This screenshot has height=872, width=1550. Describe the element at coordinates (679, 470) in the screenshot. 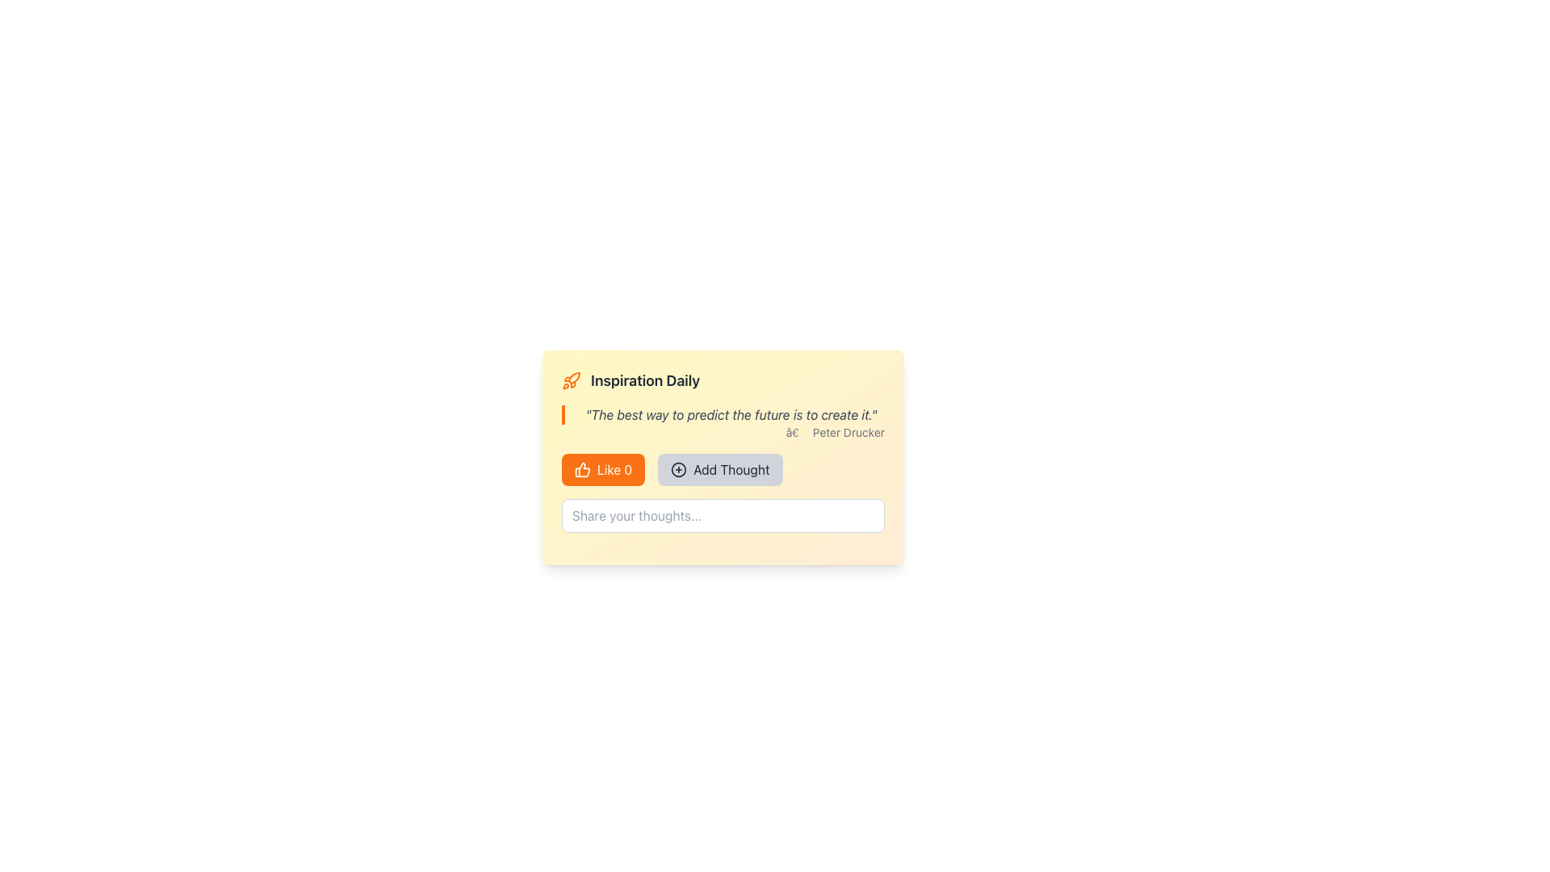

I see `the SVG Circle element that serves as the background within the icon located near the bottom-right of the main content area, adjacent to the 'Like' and 'Add Thought' buttons` at that location.